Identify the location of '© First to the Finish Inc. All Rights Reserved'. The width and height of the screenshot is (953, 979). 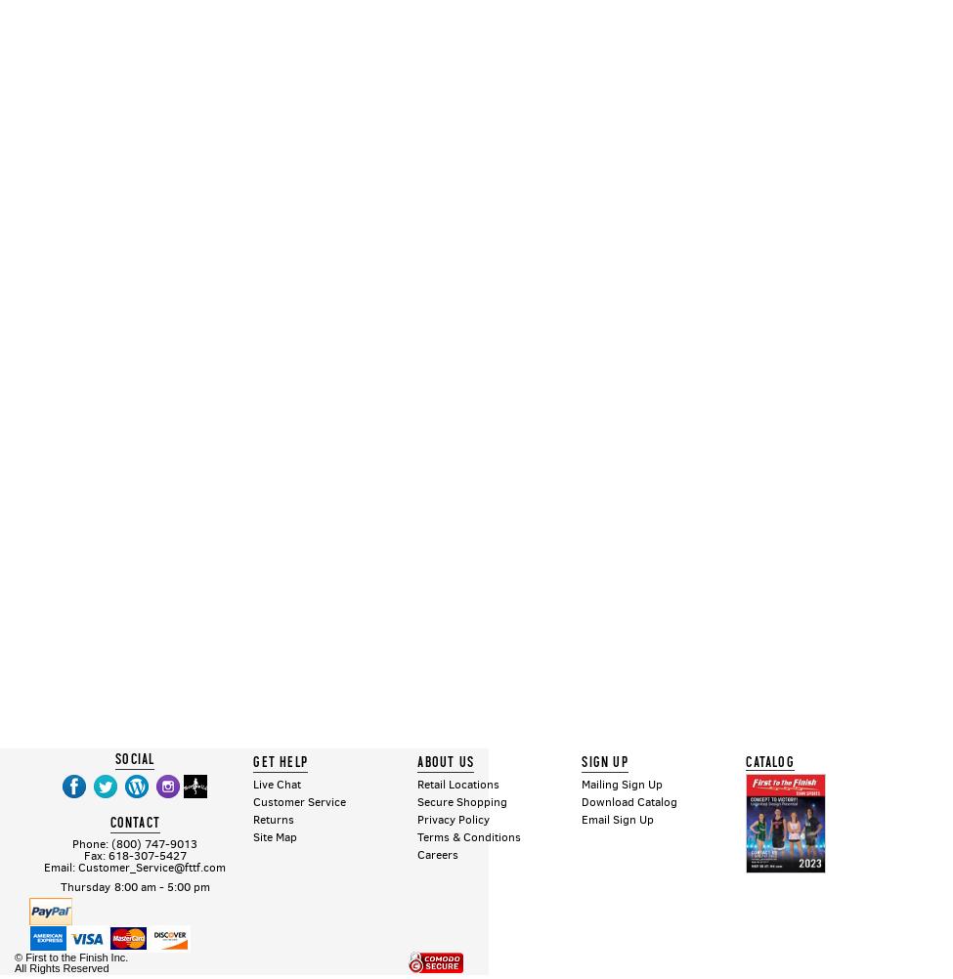
(15, 961).